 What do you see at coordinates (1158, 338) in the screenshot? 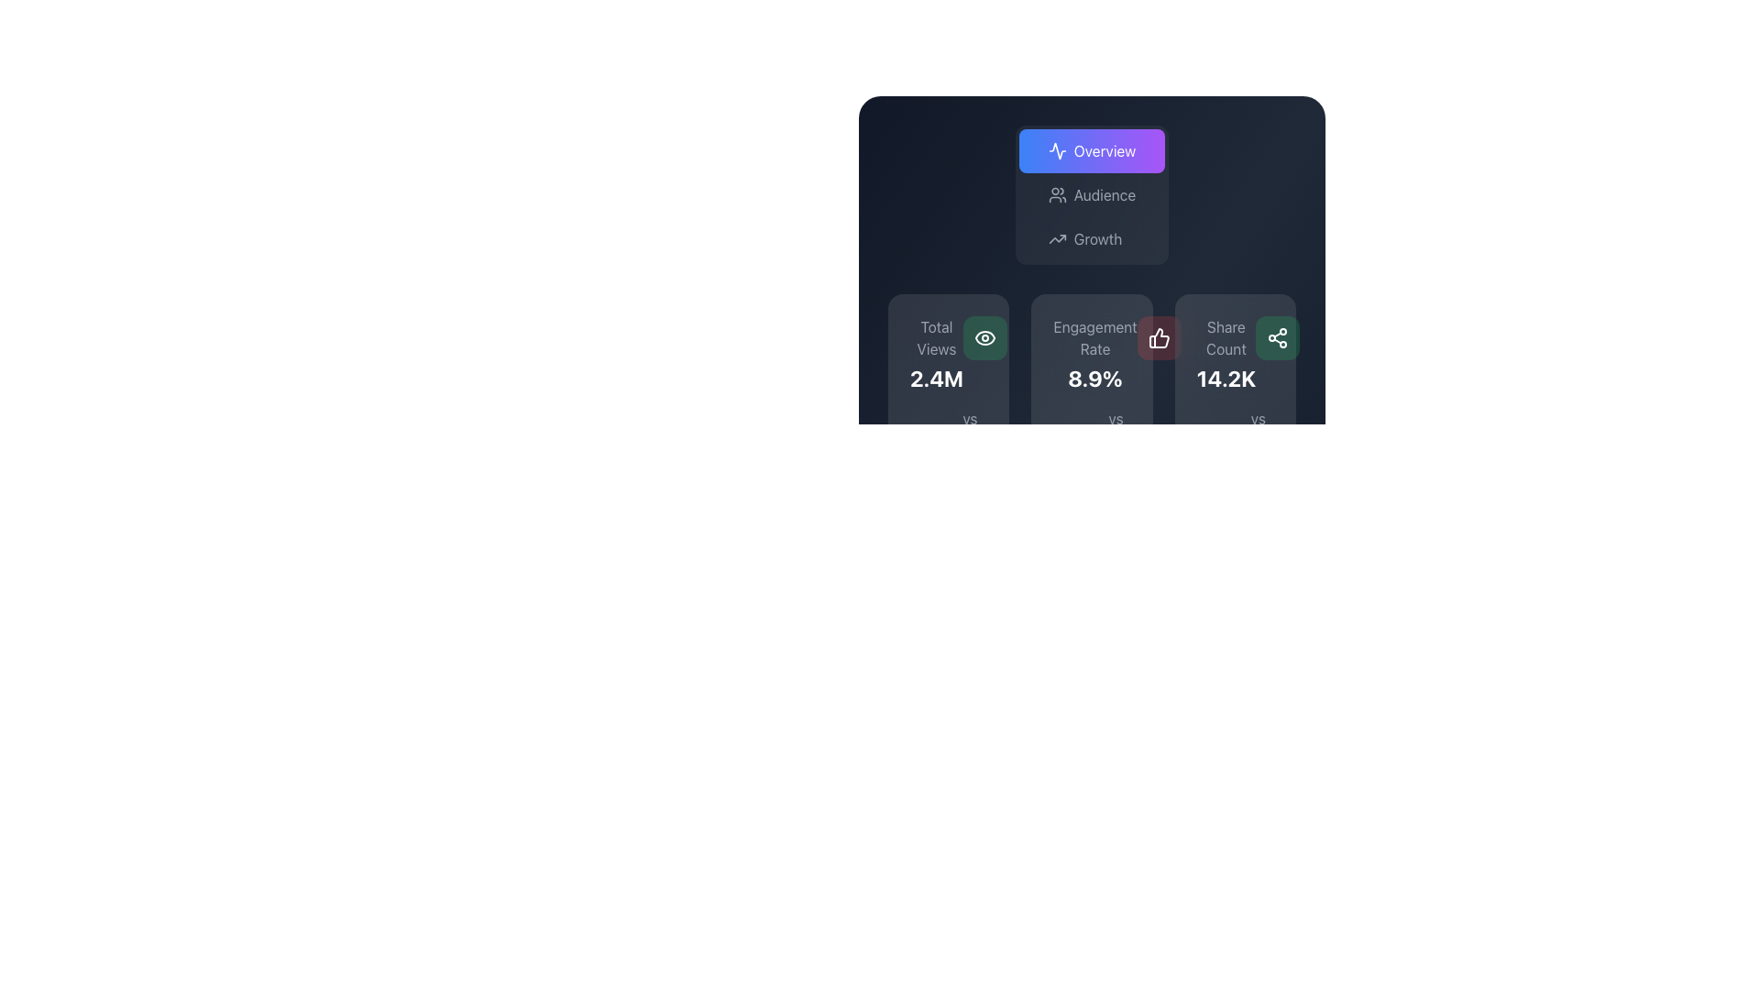
I see `the graphical icon representing the liking or approval functionality in the Engagement Rate section, located centrally in the second column of the card-like statistics section` at bounding box center [1158, 338].